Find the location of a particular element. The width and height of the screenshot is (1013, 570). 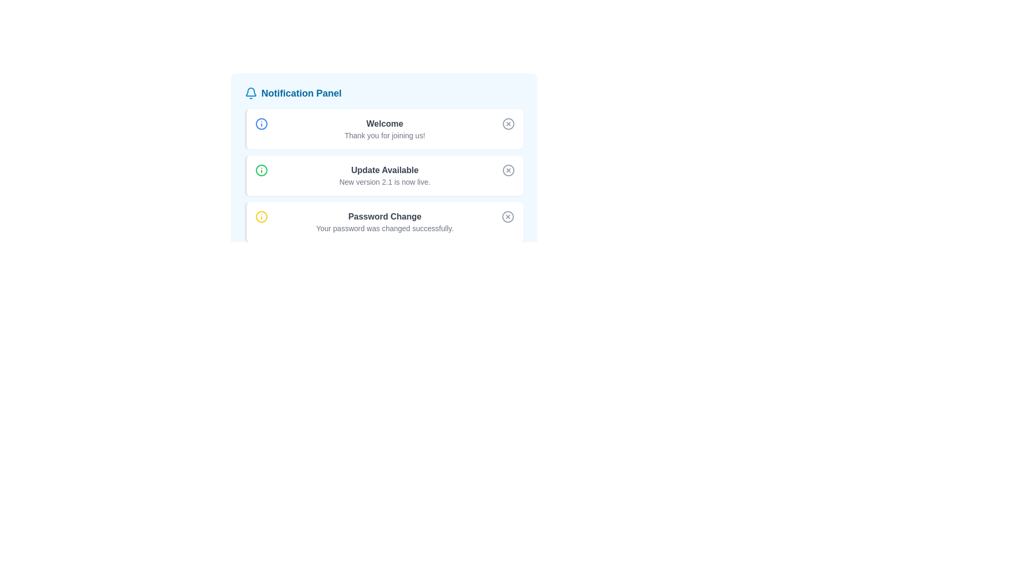

the bell-shaped notification icon is located at coordinates (250, 91).